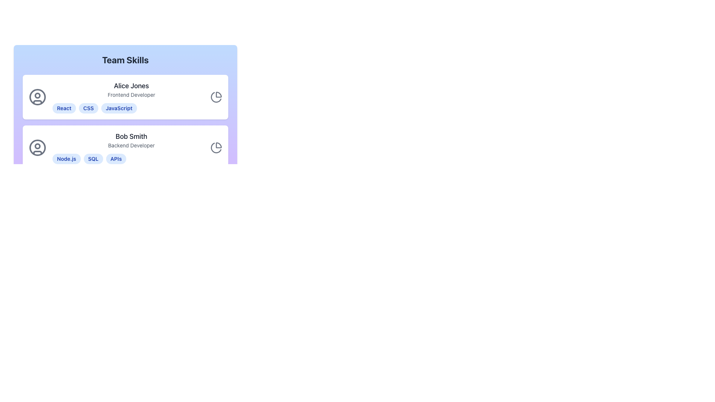 Image resolution: width=715 pixels, height=402 pixels. I want to click on the user silhouette icon for 'Bob Smith', which is located to the left of the text describing him as a Backend Developer, so click(37, 148).